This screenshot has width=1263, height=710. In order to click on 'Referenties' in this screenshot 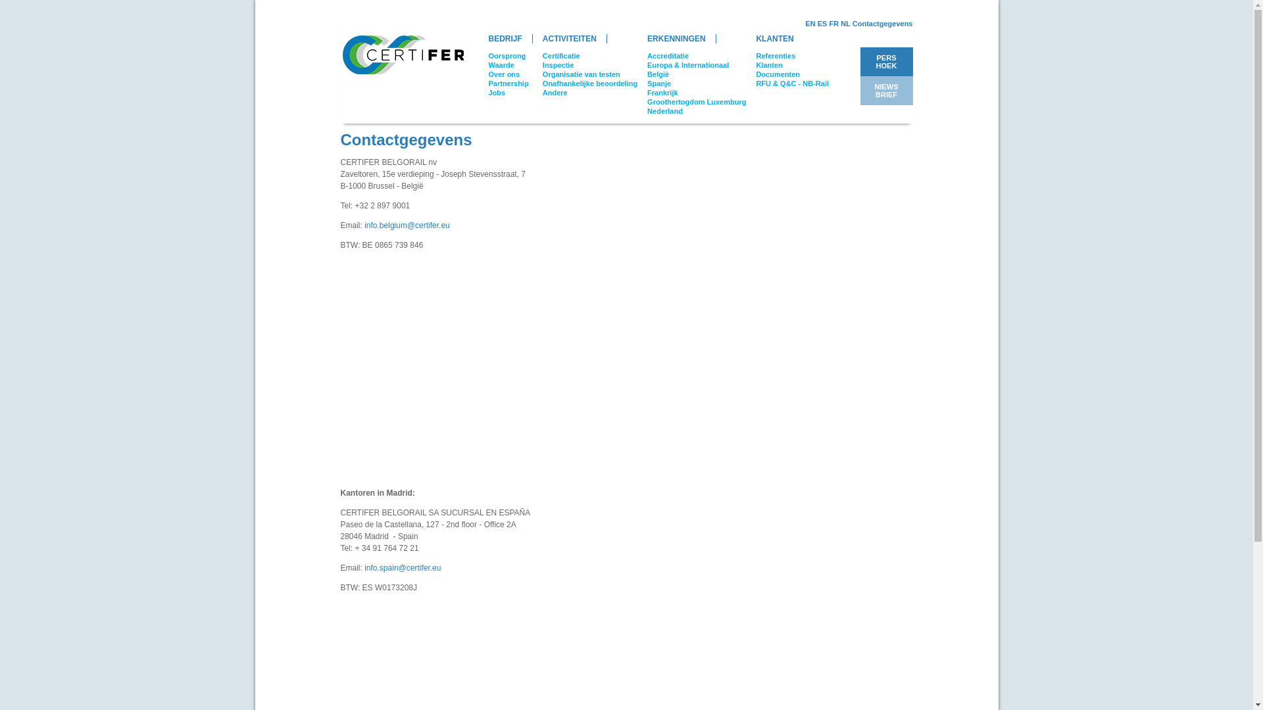, I will do `click(776, 55)`.